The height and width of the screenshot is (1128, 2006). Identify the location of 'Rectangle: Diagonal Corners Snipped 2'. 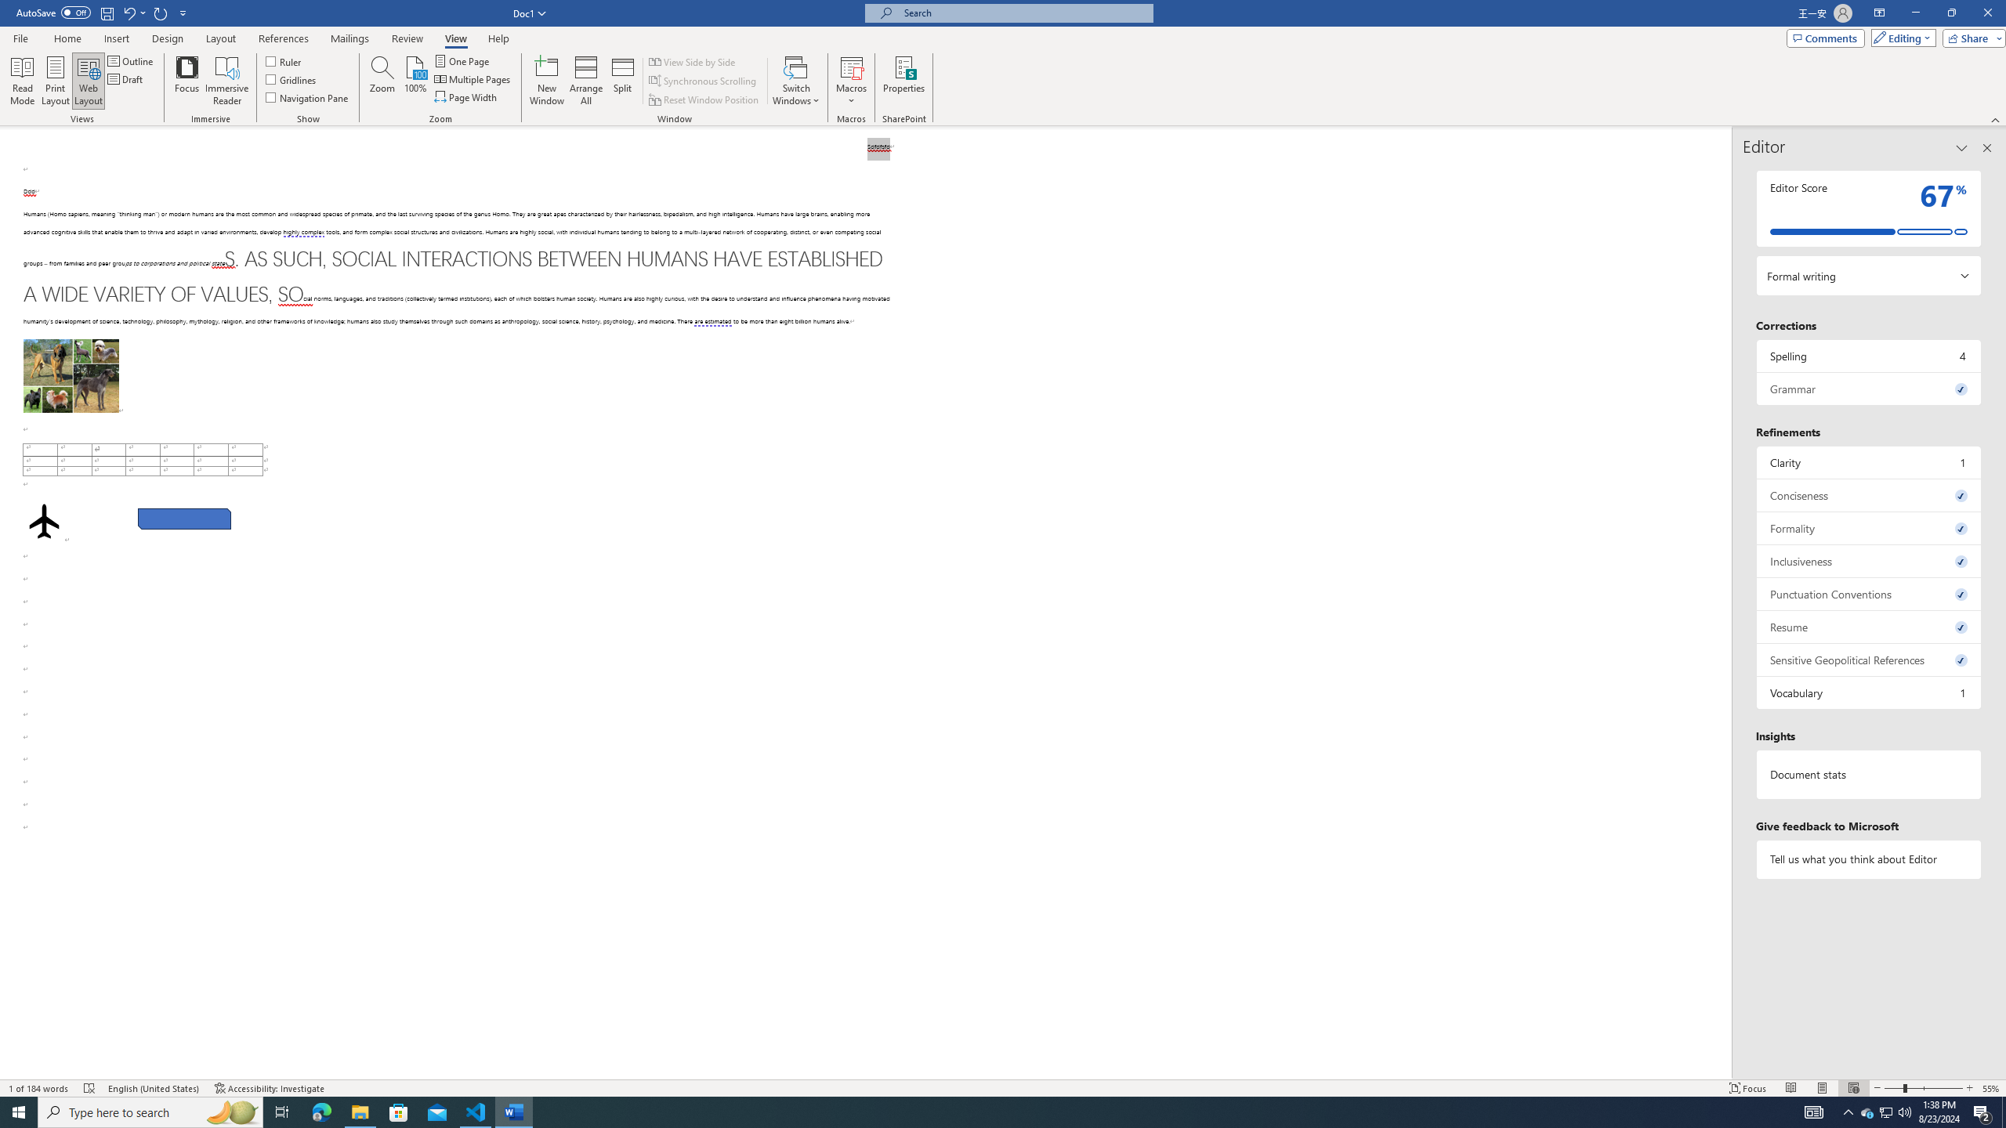
(184, 519).